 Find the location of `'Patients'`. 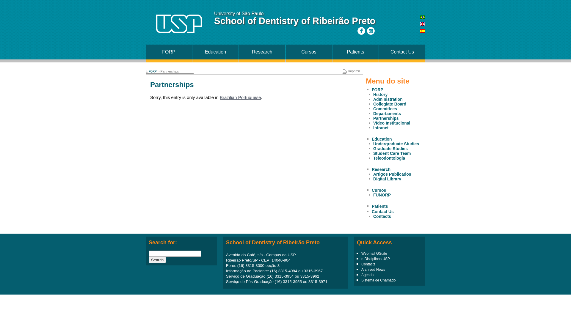

'Patients' is located at coordinates (355, 51).